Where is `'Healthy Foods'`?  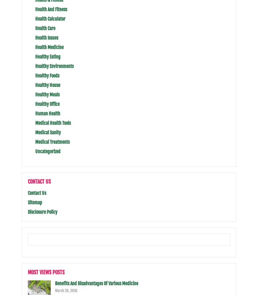
'Healthy Foods' is located at coordinates (47, 75).